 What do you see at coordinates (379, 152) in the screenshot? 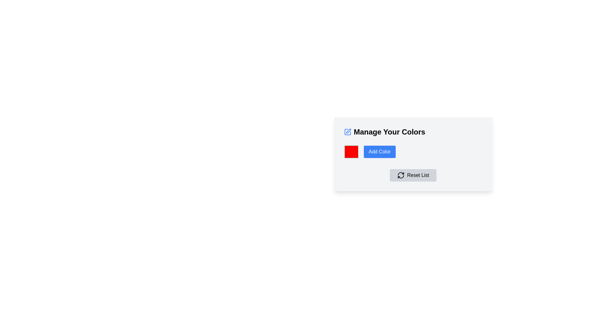
I see `the 'Add Color' button located to the right of the red-colored square box in the 'Manage Your Colors' section` at bounding box center [379, 152].